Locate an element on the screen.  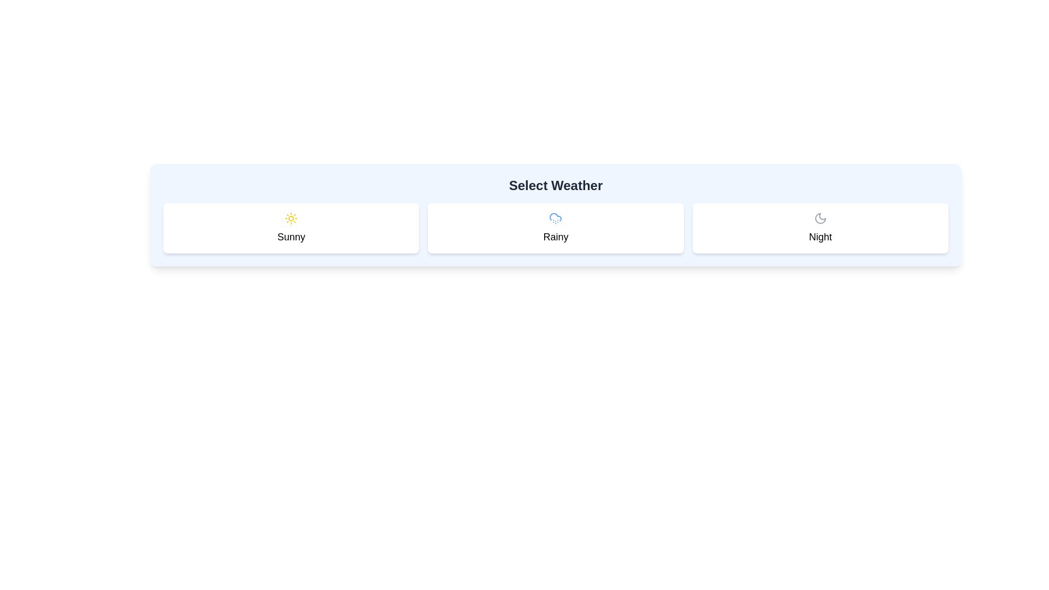
the moon-shaped icon indicating night mode, located within the right-most card labeled 'Night' is located at coordinates (820, 219).